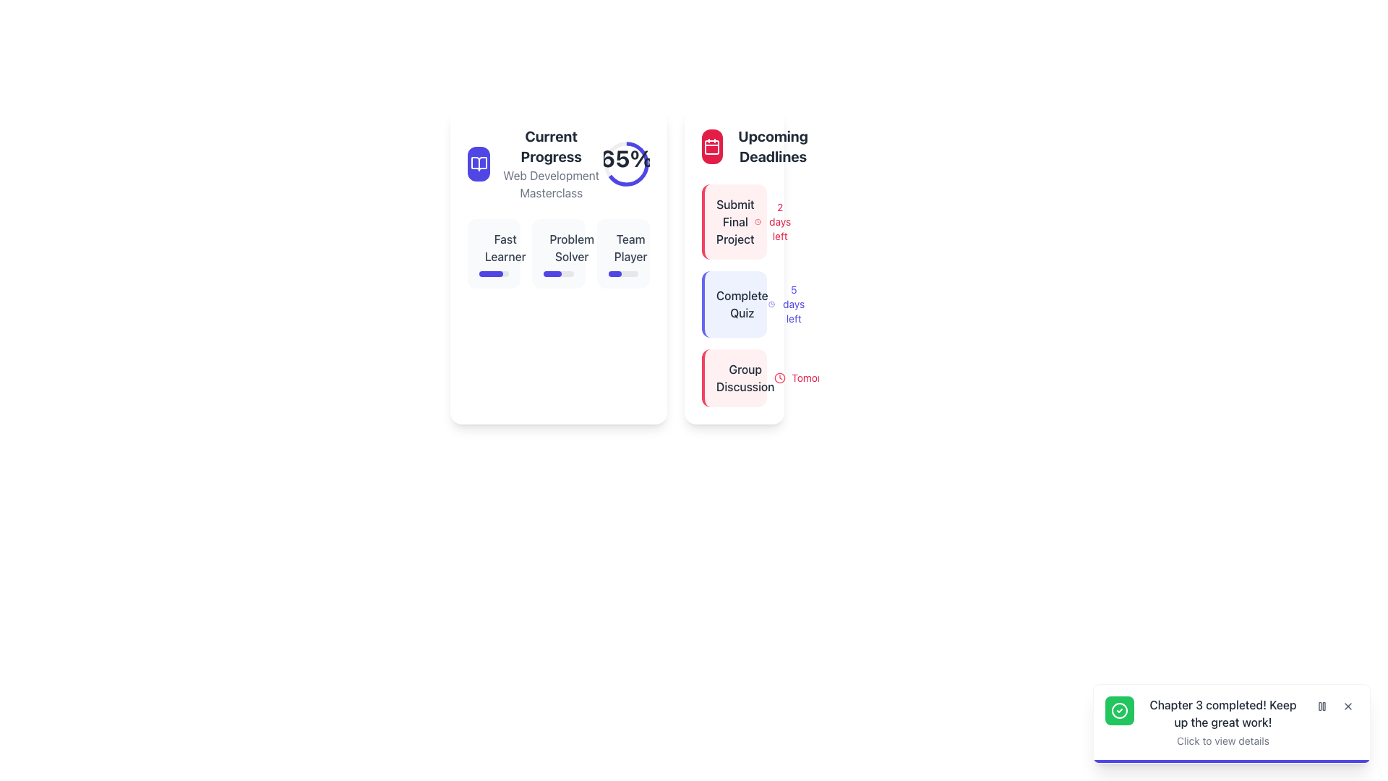 The width and height of the screenshot is (1388, 781). I want to click on the horizontal progress bar with rounded corners, styled in blue, located directly below the 'Fast Learner' label in the left panel's 'Current Progress' section, so click(494, 273).